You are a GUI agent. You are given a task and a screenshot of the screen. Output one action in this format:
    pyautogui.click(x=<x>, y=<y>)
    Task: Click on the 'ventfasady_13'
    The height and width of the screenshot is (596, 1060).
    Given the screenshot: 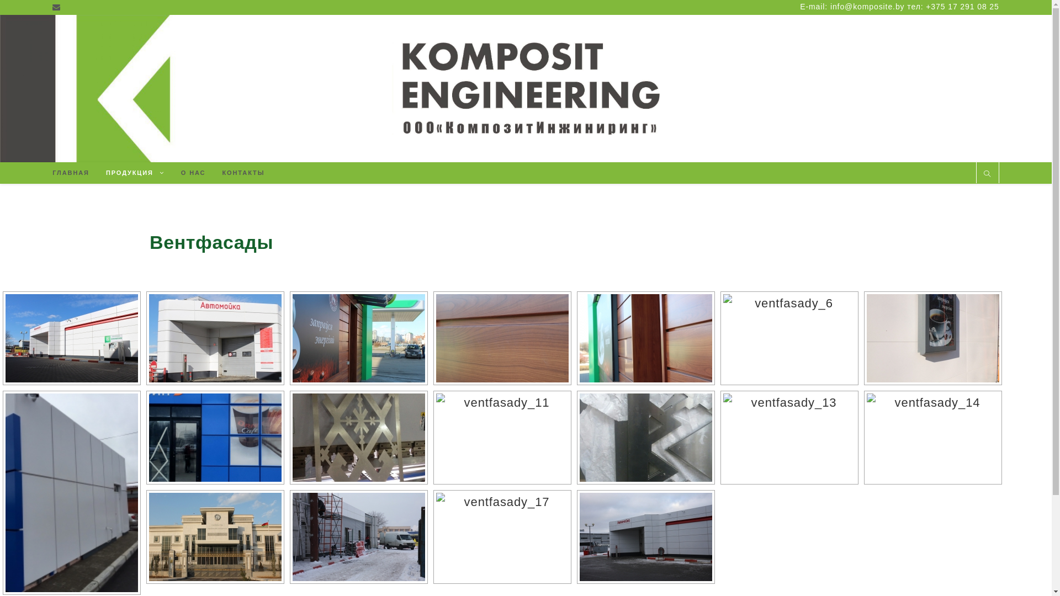 What is the action you would take?
    pyautogui.click(x=789, y=437)
    